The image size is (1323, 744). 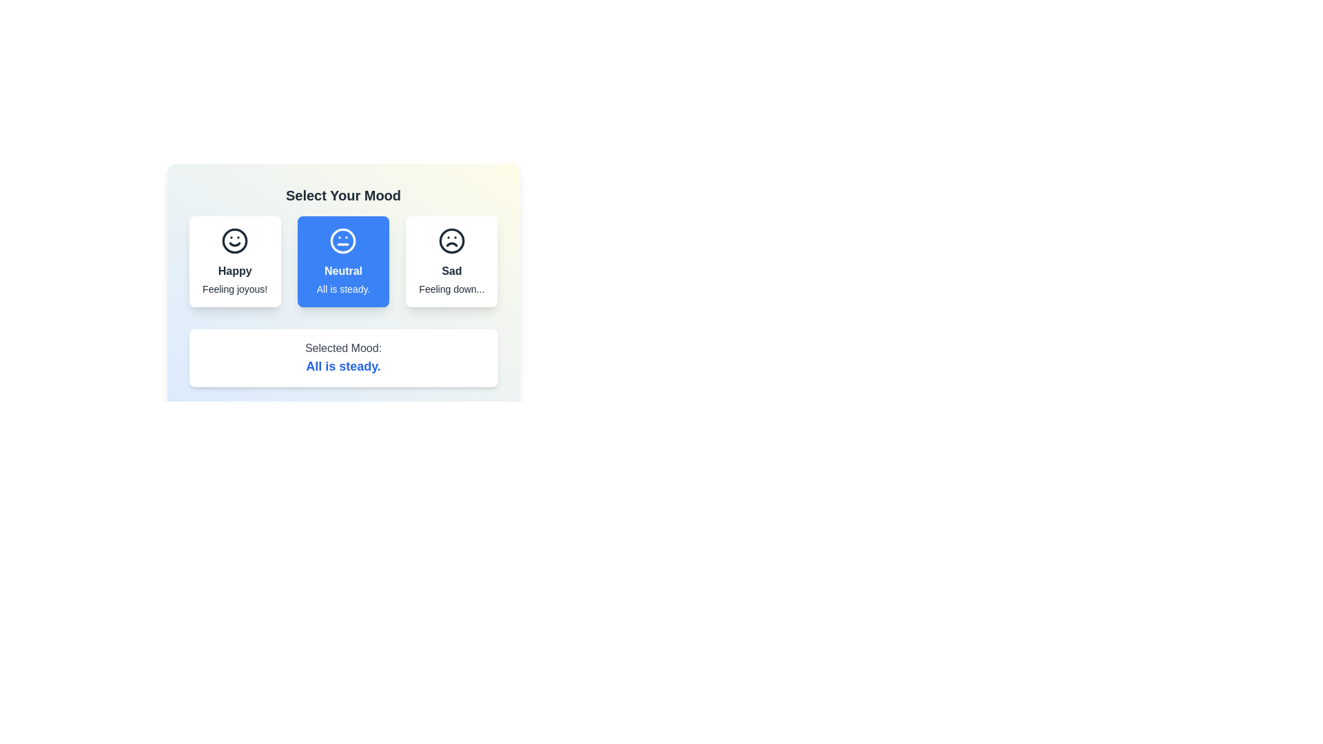 I want to click on the mood Sad by clicking on the corresponding button, so click(x=451, y=262).